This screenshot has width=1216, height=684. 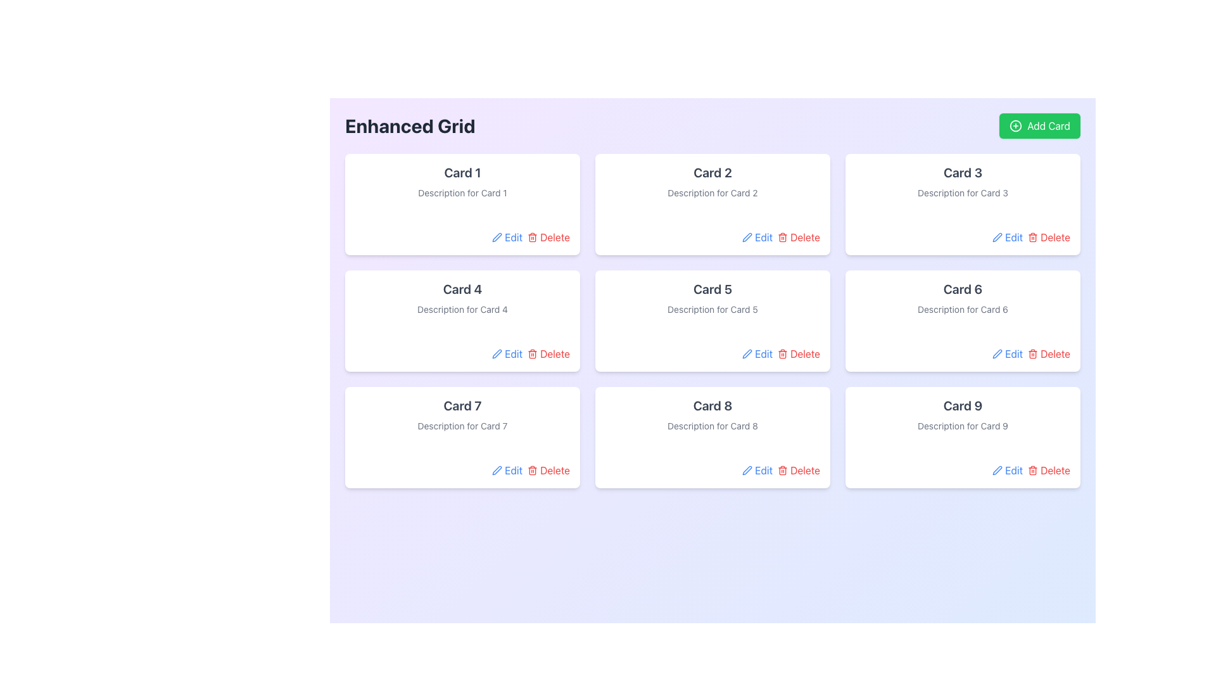 I want to click on the Text Label located below the header 'Card 6' in the sixth card of a grid layout, centered horizontally within the card, so click(x=963, y=310).